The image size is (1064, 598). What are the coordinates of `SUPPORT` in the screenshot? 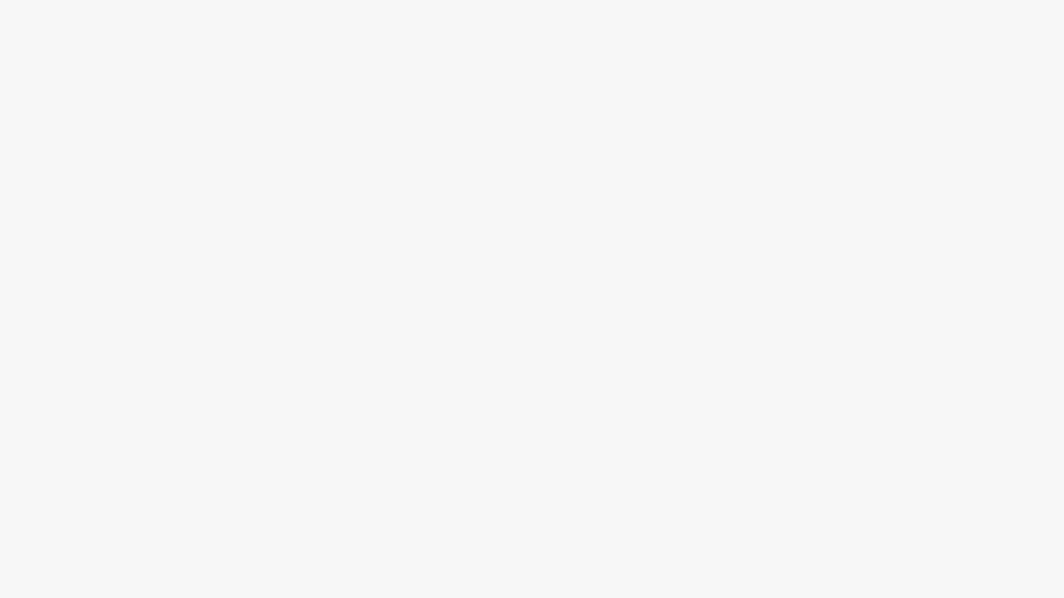 It's located at (867, 24).